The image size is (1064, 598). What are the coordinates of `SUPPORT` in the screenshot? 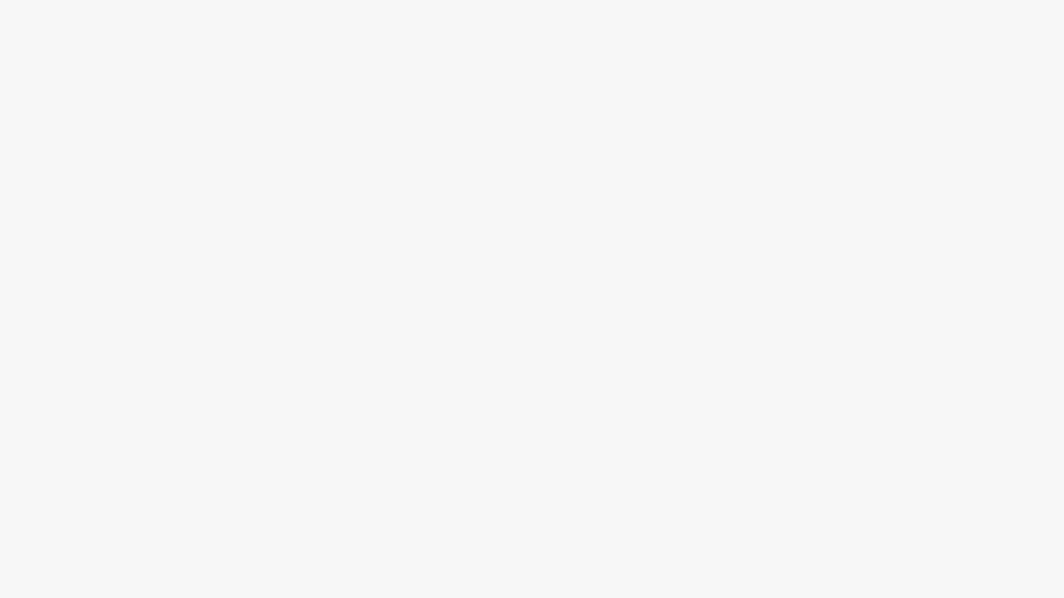 It's located at (867, 24).